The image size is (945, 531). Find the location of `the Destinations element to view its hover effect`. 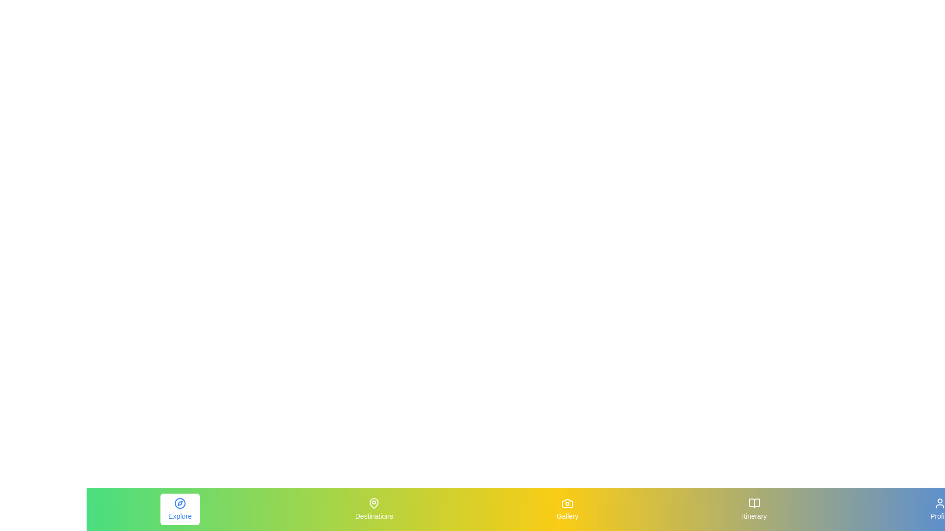

the Destinations element to view its hover effect is located at coordinates (374, 509).